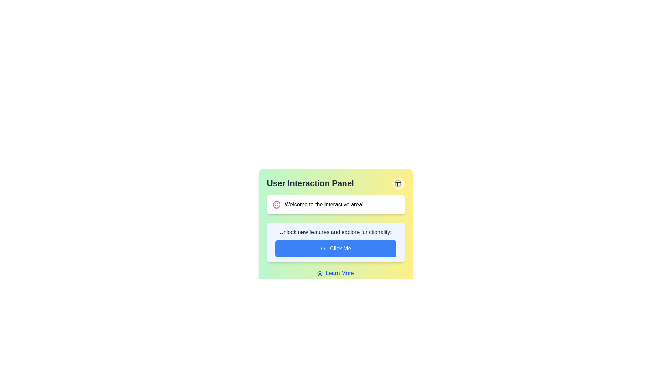  Describe the element at coordinates (320, 273) in the screenshot. I see `the blue SVG icon representing stacked layers, located to the left of the 'Learn More' text link at the bottom right corner of the card-like UI panel` at that location.